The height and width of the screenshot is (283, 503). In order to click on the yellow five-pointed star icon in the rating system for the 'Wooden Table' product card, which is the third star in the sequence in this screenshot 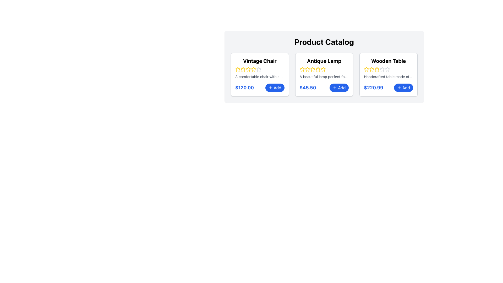, I will do `click(371, 69)`.